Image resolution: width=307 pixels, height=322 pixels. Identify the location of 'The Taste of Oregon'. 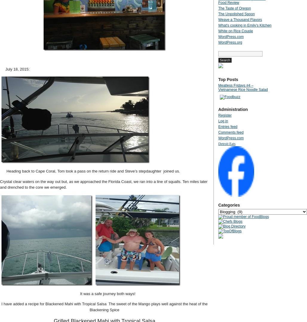
(218, 8).